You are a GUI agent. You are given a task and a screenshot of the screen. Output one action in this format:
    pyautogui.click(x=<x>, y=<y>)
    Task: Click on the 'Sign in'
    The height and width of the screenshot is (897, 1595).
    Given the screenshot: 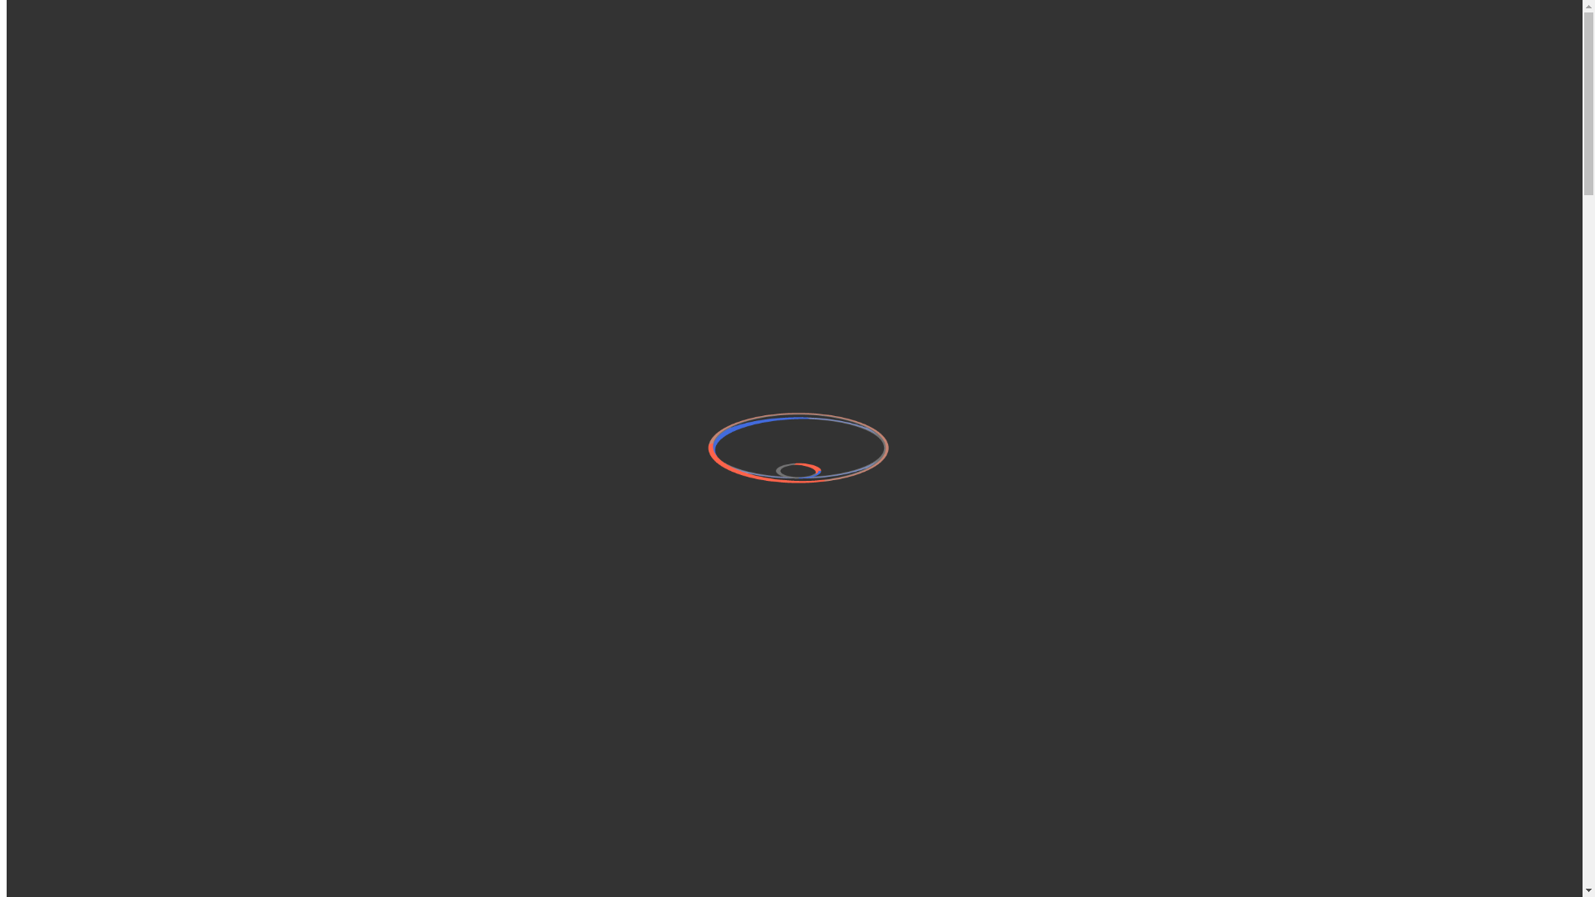 What is the action you would take?
    pyautogui.click(x=91, y=72)
    